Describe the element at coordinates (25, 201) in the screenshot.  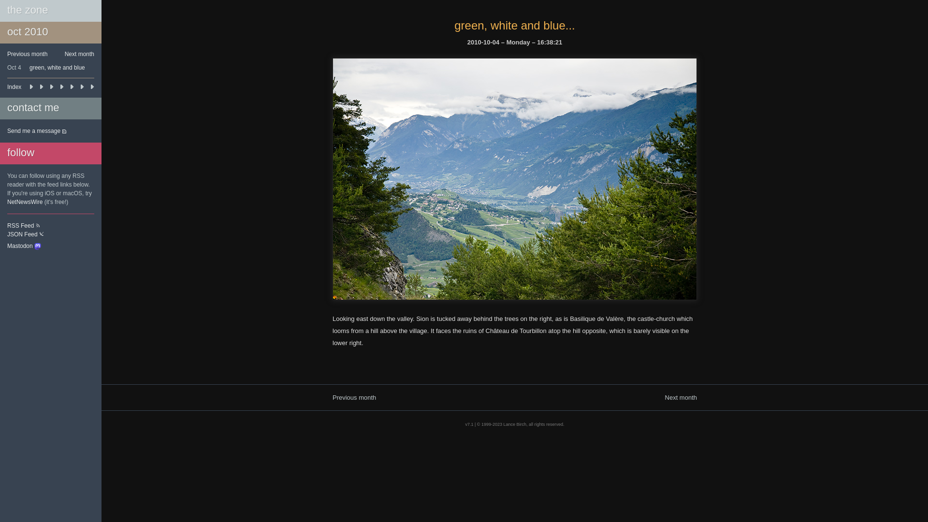
I see `'NetNewsWire'` at that location.